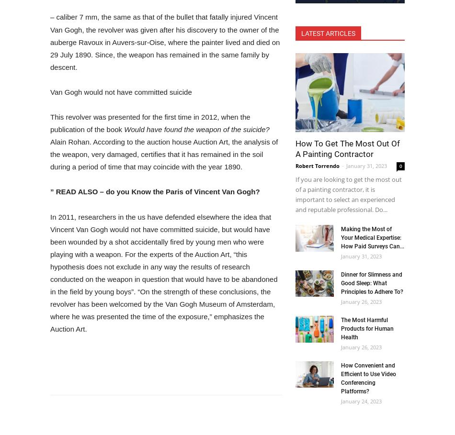  I want to click on '-', so click(342, 166).